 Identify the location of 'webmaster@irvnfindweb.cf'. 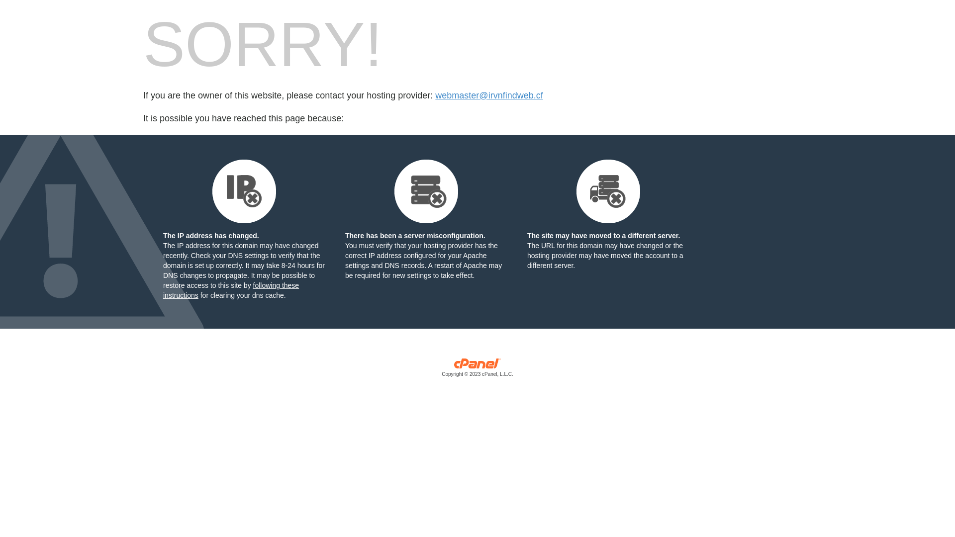
(489, 95).